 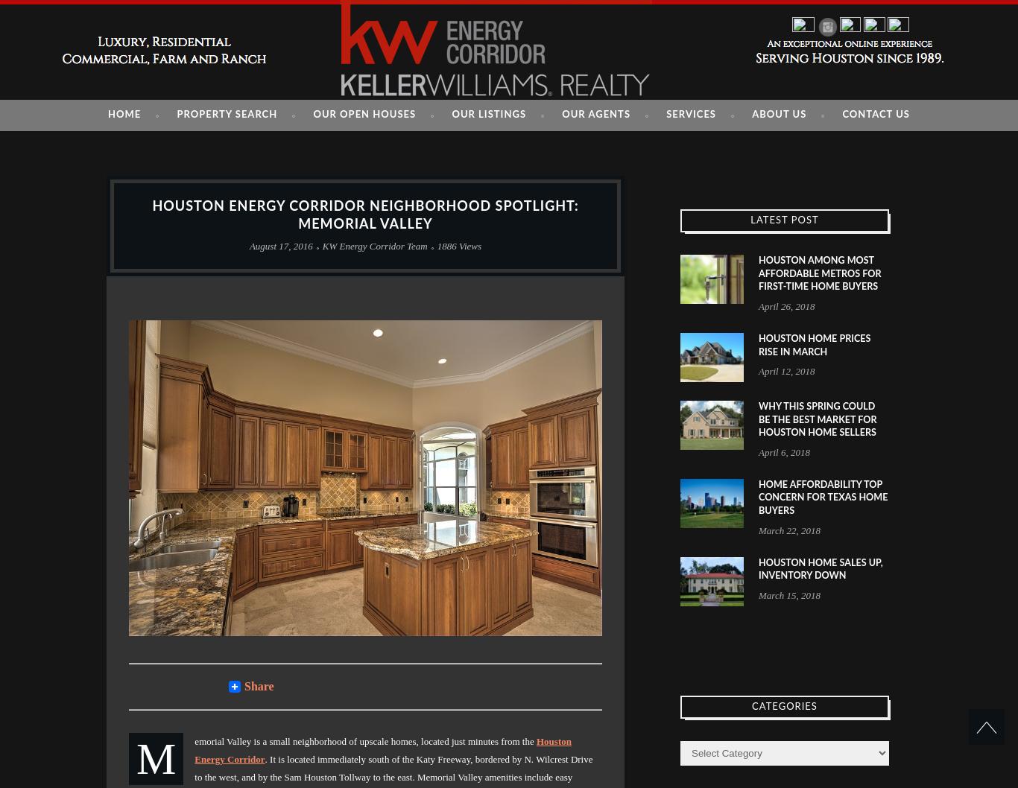 What do you see at coordinates (364, 114) in the screenshot?
I see `'OUR OPEN HOUSES'` at bounding box center [364, 114].